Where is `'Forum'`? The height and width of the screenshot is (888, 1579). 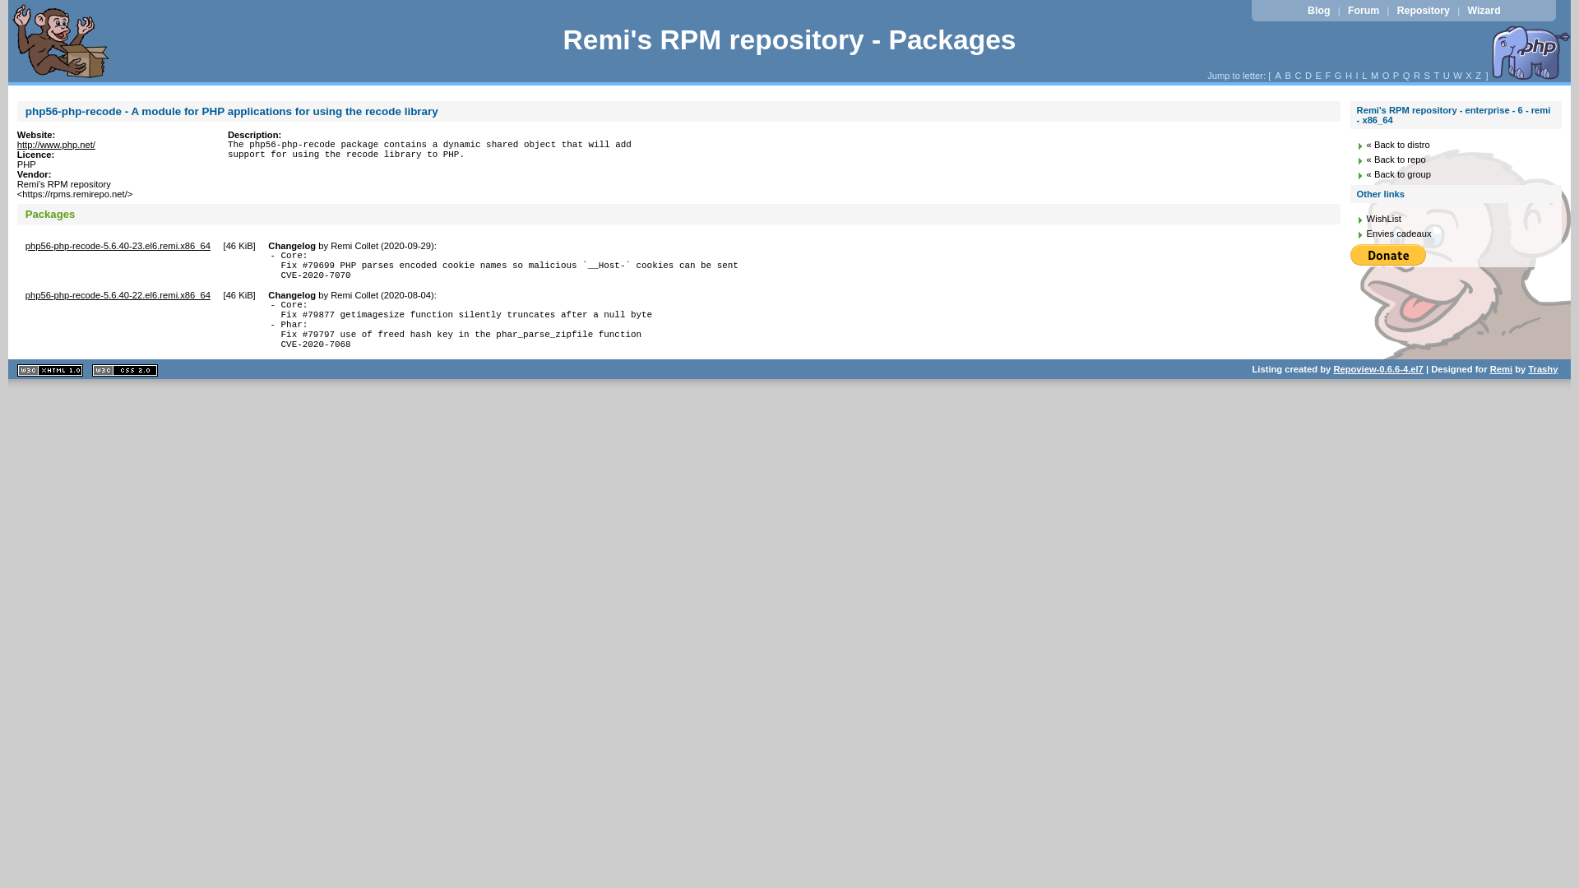
'Forum' is located at coordinates (1364, 10).